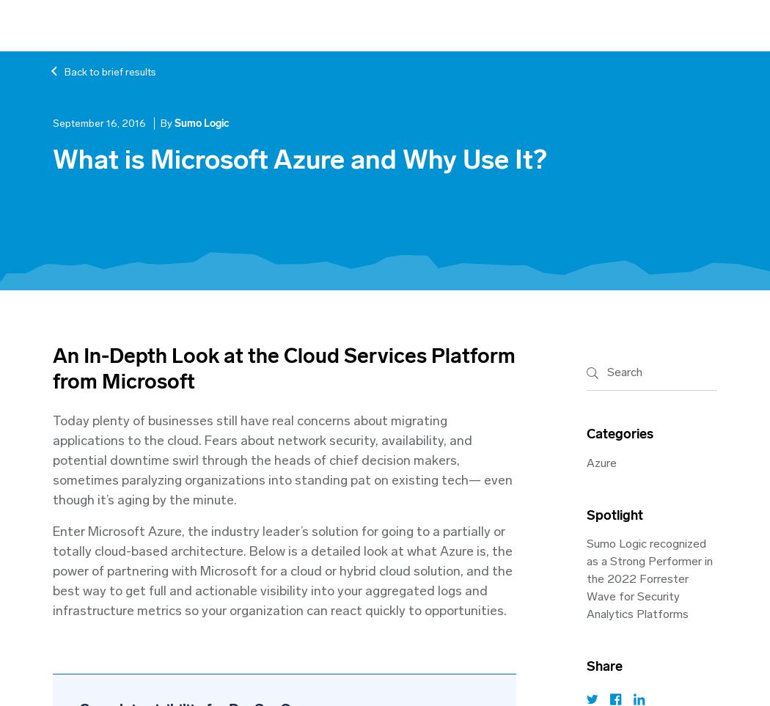 The image size is (770, 706). What do you see at coordinates (79, 368) in the screenshot?
I see `'December 15, 2021'` at bounding box center [79, 368].